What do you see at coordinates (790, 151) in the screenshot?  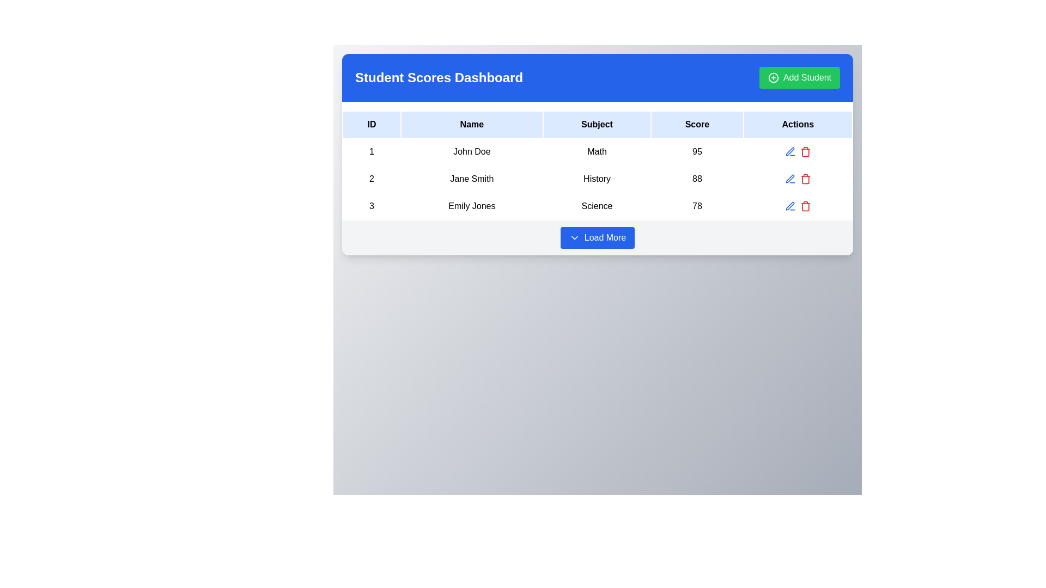 I see `the action button represented by a pen icon in the 'Actions' column of the first row of the table to change its color to a darker blue hue` at bounding box center [790, 151].